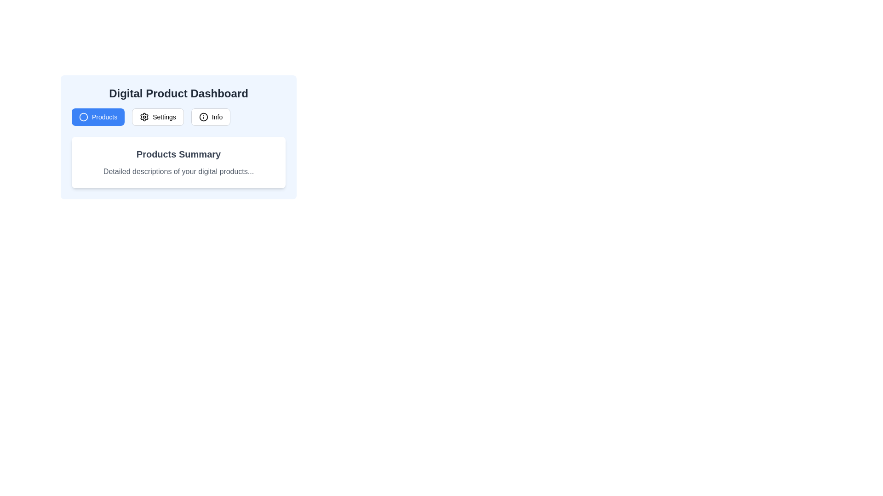 This screenshot has width=883, height=496. Describe the element at coordinates (203, 116) in the screenshot. I see `the small circular icon containing an 'i' symbol, which is the leftmost part of the 'Info' button in the button row near the top-center of the interface` at that location.